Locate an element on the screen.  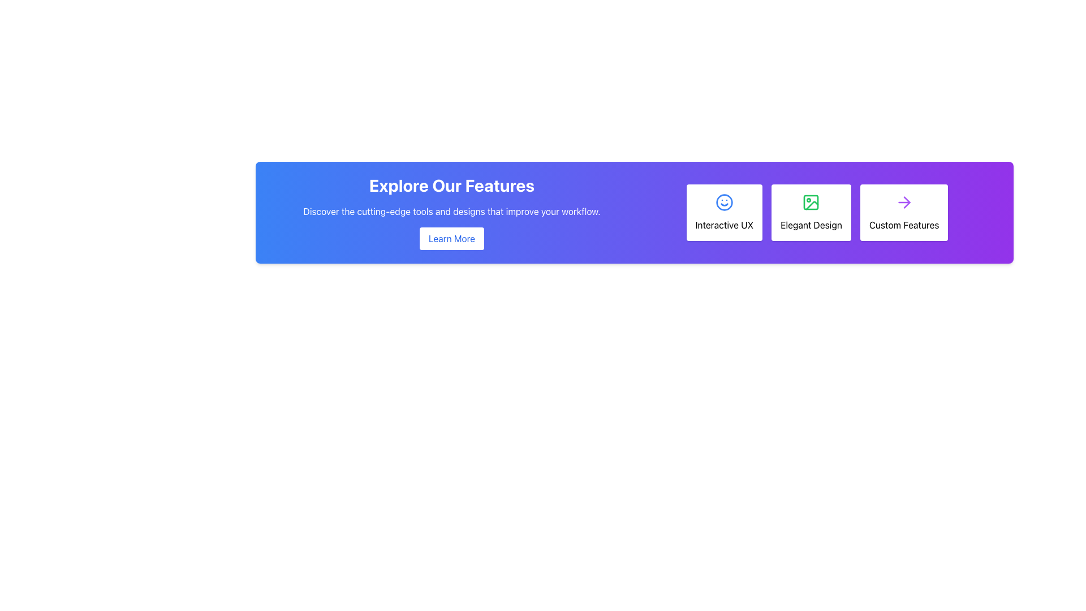
the 'Learn More' button, which is a rounded rectangular button with a white background and blue text, to observe the hover effect that changes the background to light blue is located at coordinates (451, 238).